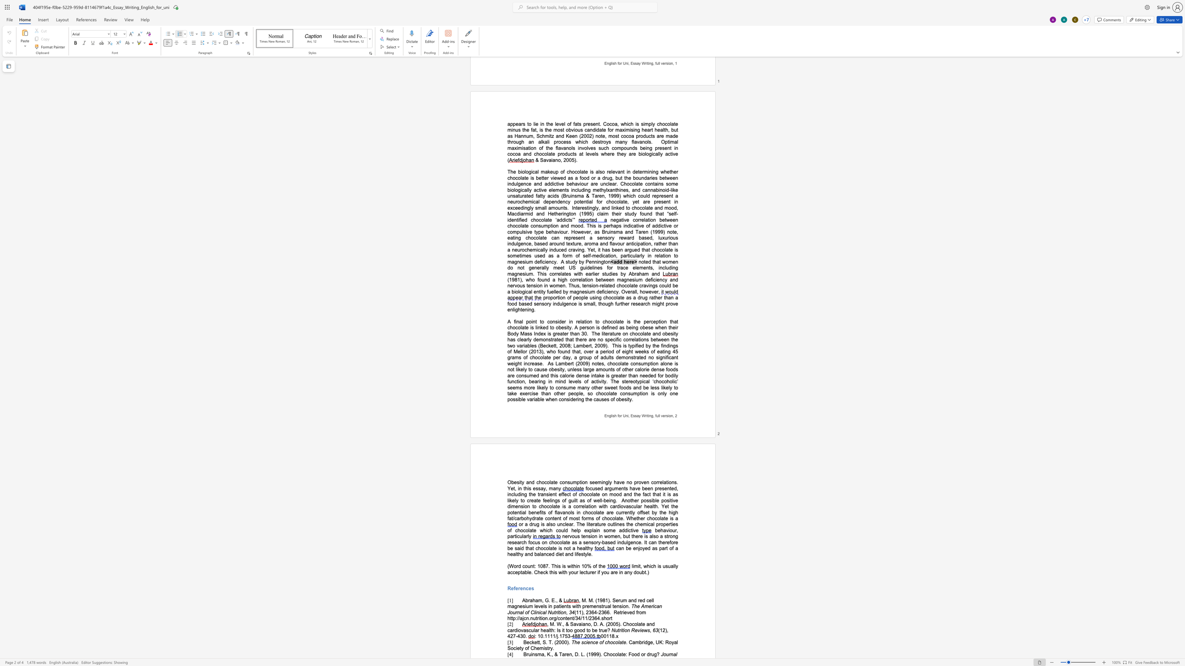  I want to click on the space between the continuous character "y" and "." in the text, so click(552, 648).